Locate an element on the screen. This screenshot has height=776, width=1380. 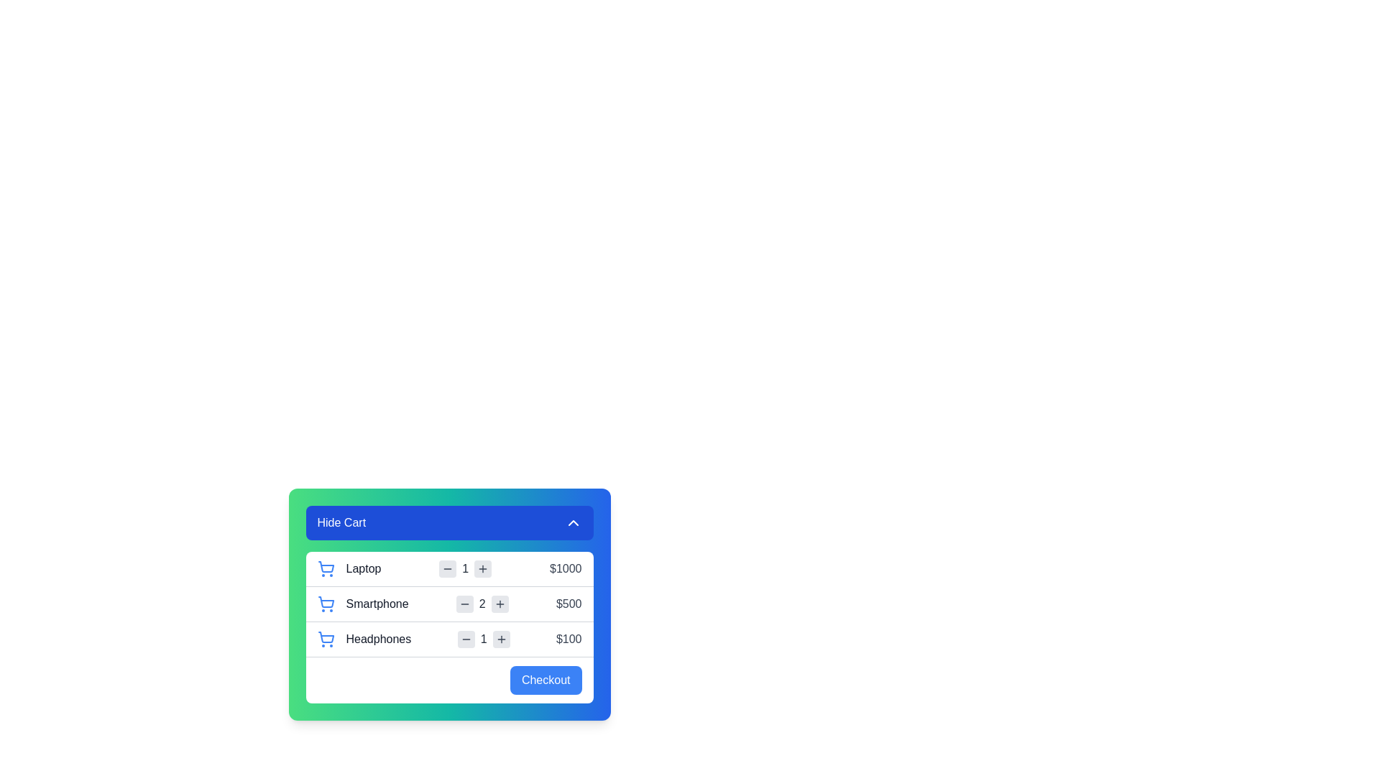
the increment button located to the immediate right of the current quantity indicator ('1') is located at coordinates (483, 568).